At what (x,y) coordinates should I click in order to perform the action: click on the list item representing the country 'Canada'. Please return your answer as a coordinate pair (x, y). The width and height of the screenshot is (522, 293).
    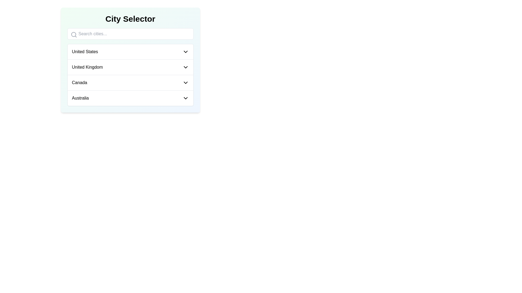
    Looking at the image, I should click on (130, 82).